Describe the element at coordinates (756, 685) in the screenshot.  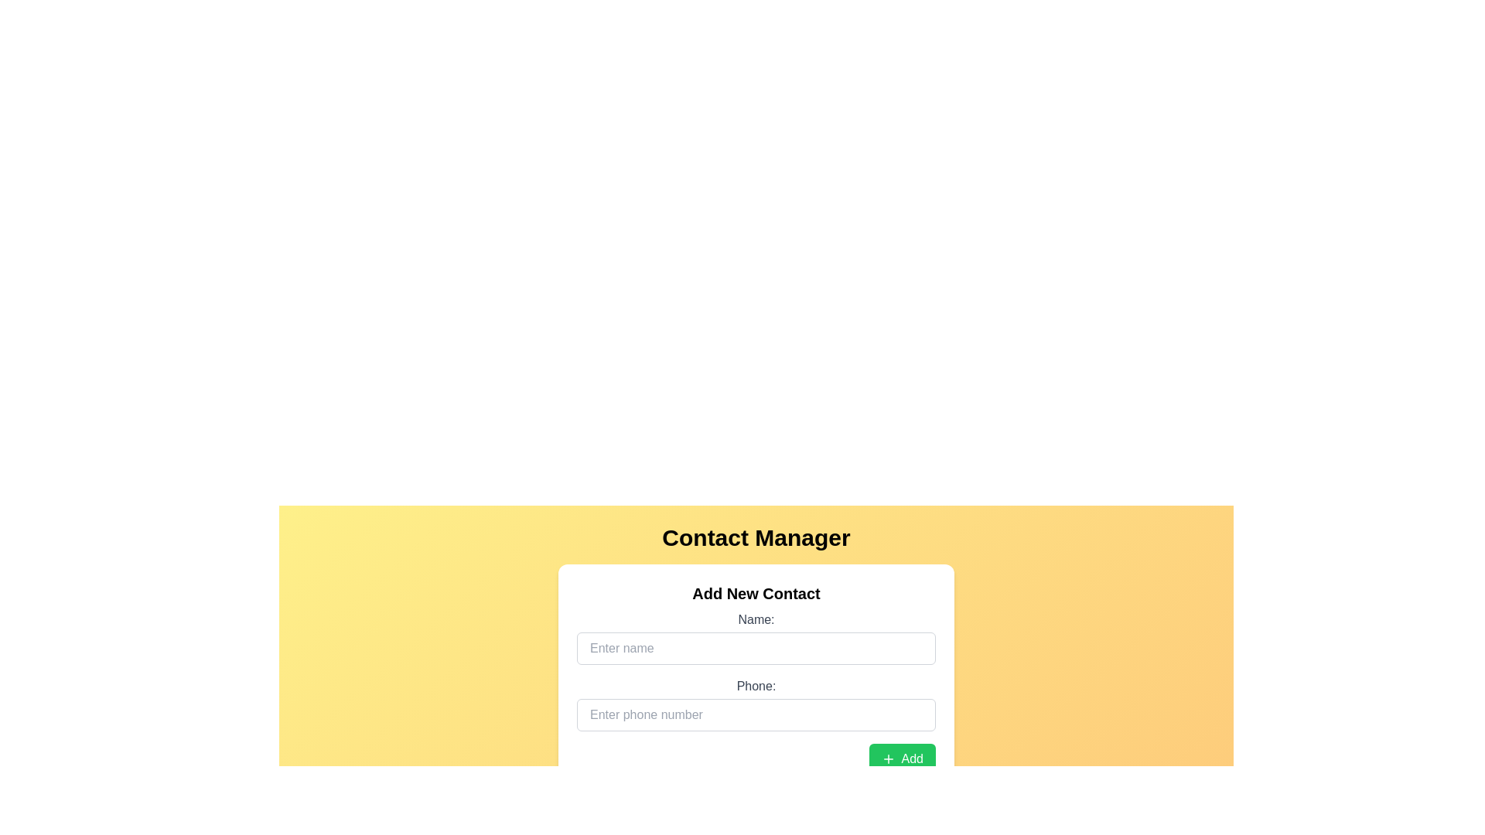
I see `the 'Phone:' text label, which is styled with grayish text color and positioned above the phone number input field in the 'Add New Contact' form` at that location.